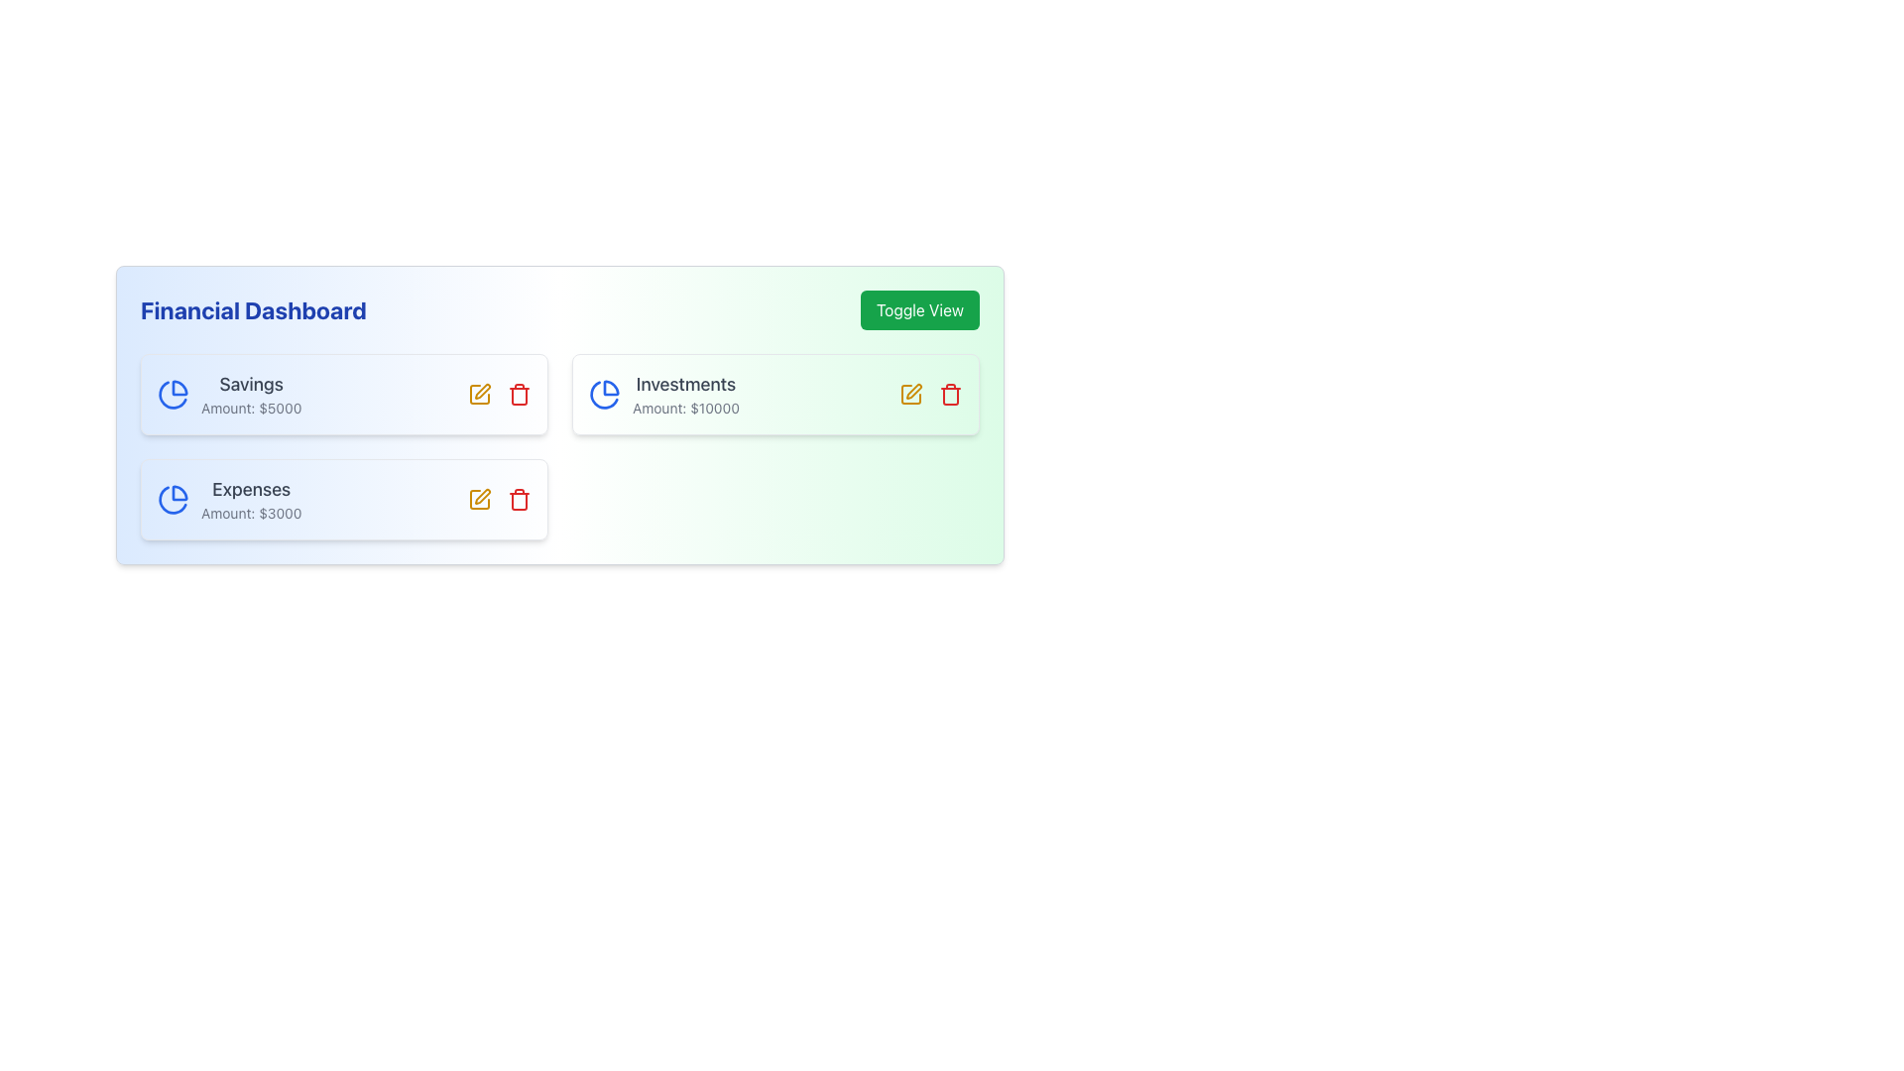 This screenshot has height=1071, width=1904. What do you see at coordinates (909, 394) in the screenshot?
I see `the SVG graphic icon representing the editing function for the 'Investments' category, located to the right of the 'Investments' label` at bounding box center [909, 394].